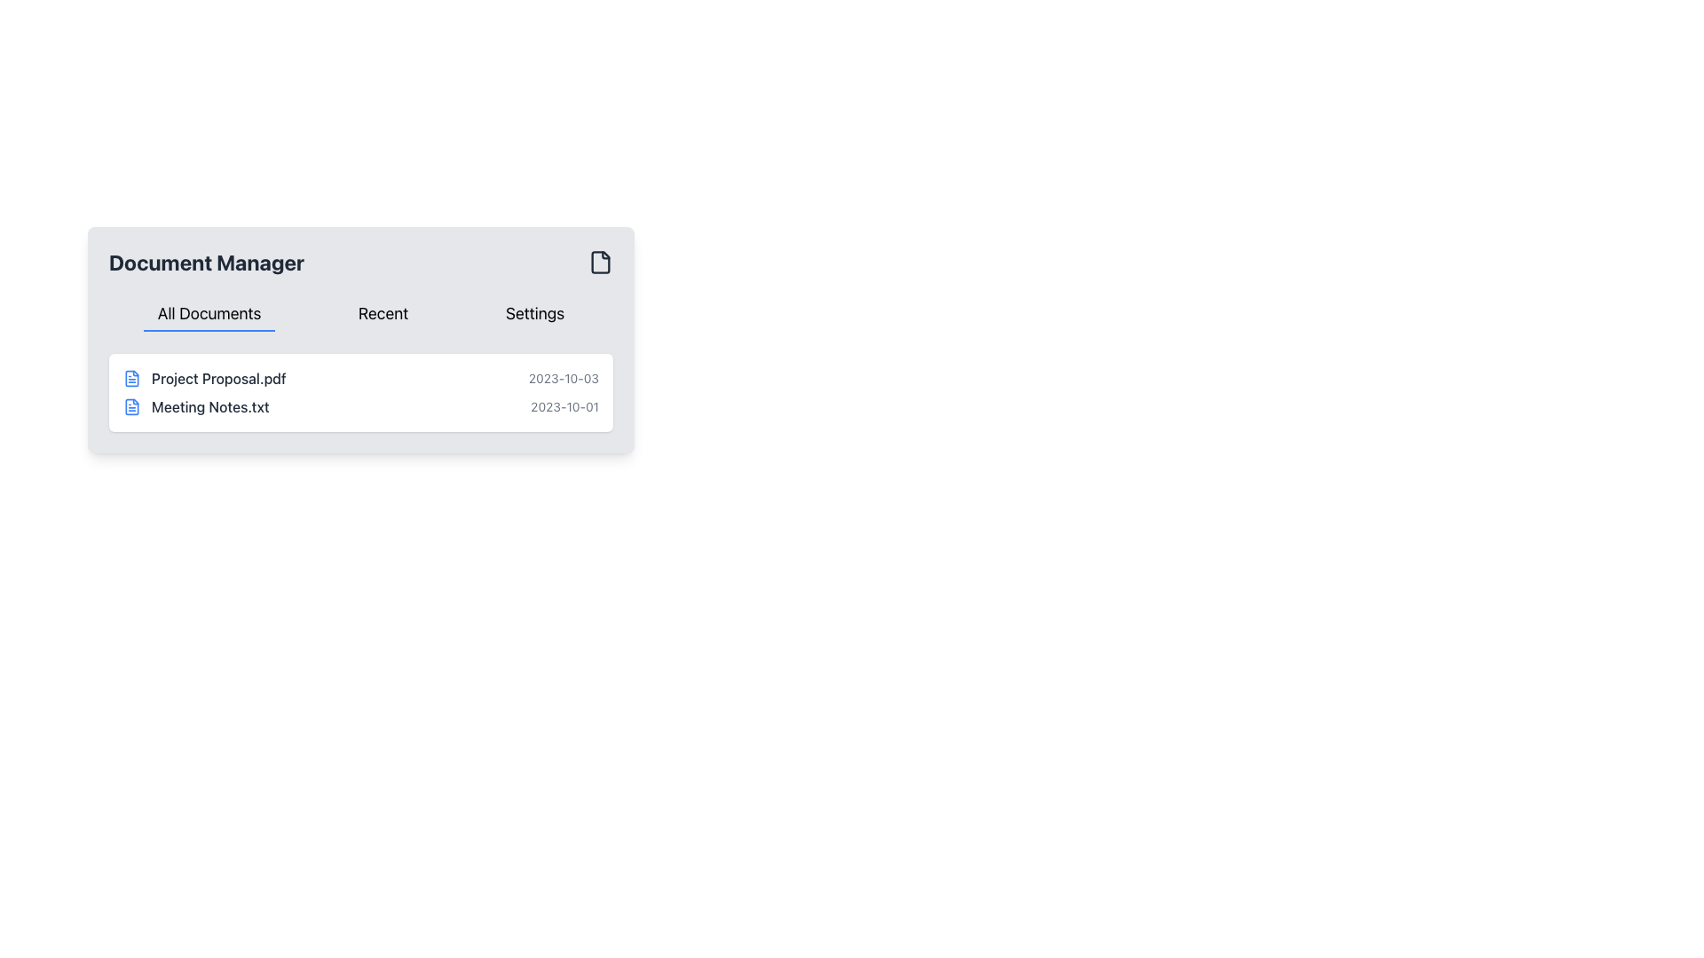 This screenshot has width=1704, height=958. Describe the element at coordinates (130, 378) in the screenshot. I see `the small-sized blue document file icon located as the first item in the 'Document Manager' panel` at that location.